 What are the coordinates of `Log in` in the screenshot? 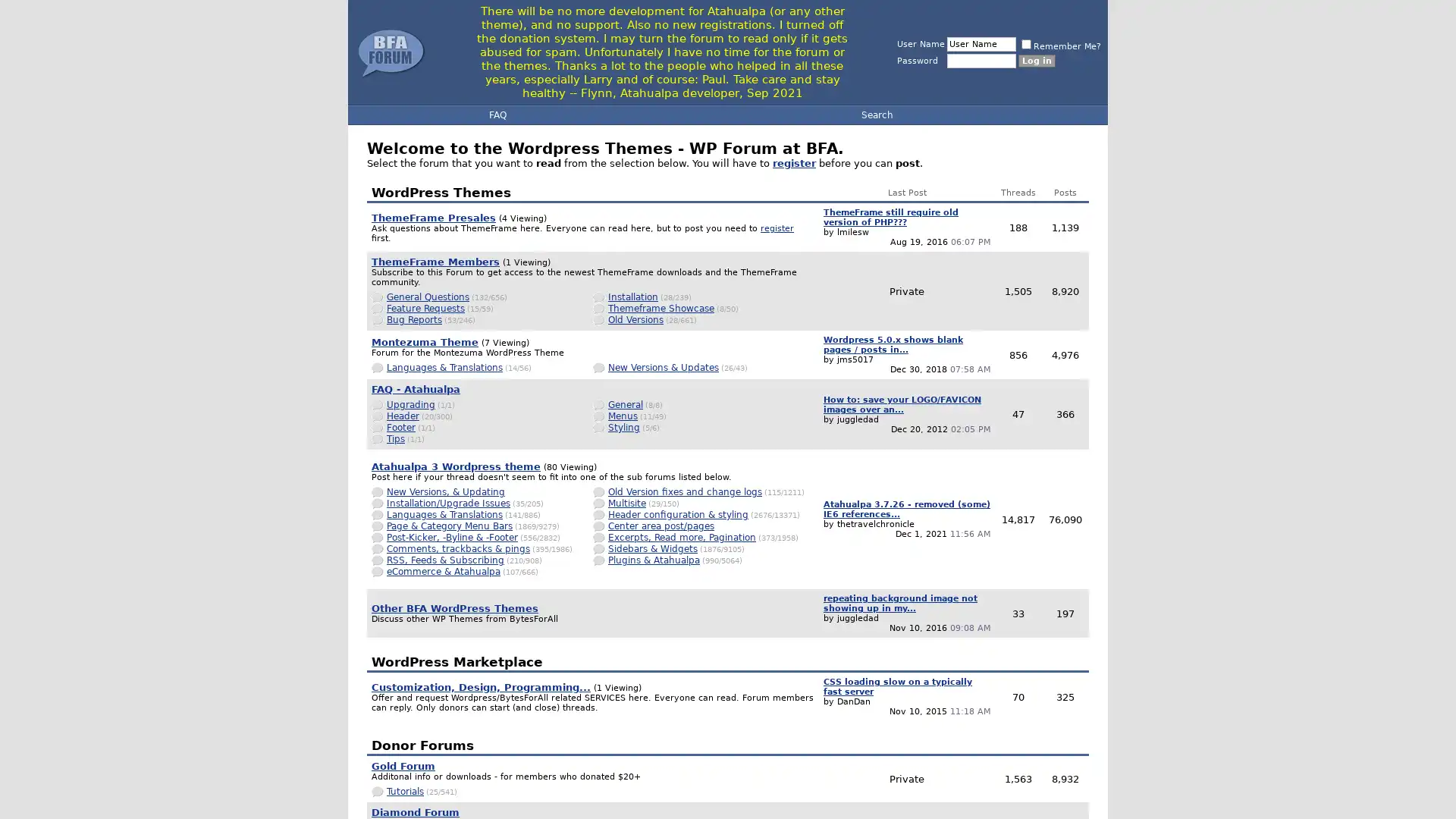 It's located at (1036, 59).